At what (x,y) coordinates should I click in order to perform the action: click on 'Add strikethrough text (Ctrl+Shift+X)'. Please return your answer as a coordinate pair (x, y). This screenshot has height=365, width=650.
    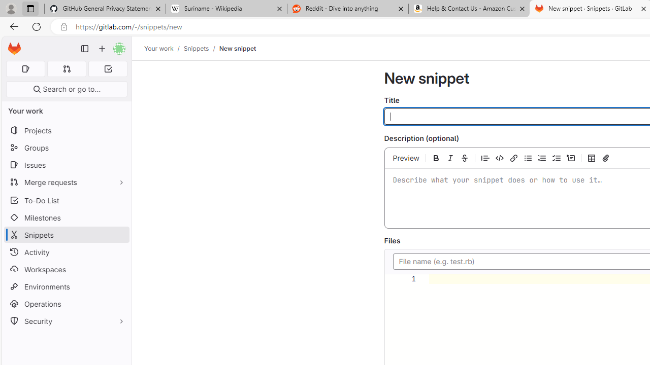
    Looking at the image, I should click on (464, 158).